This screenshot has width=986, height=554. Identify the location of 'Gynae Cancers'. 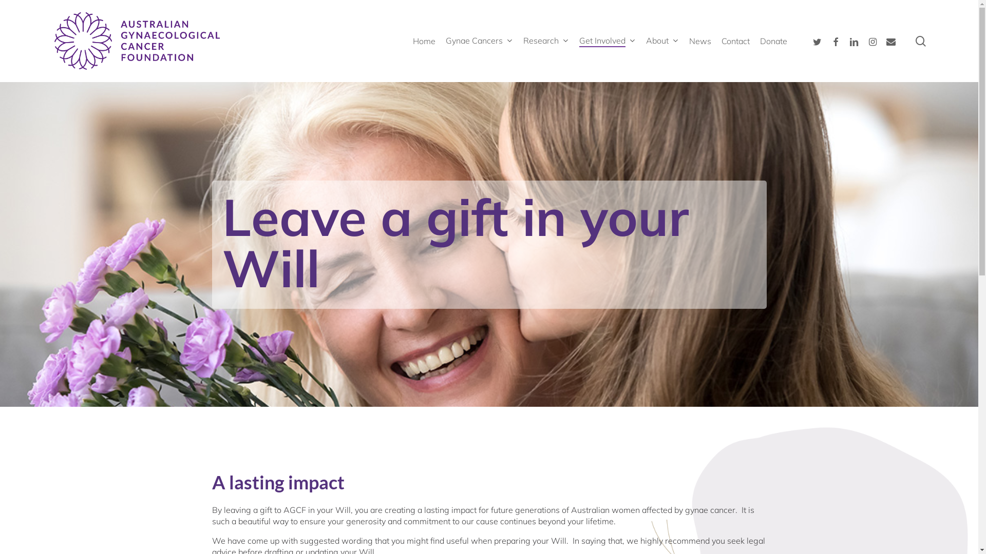
(446, 41).